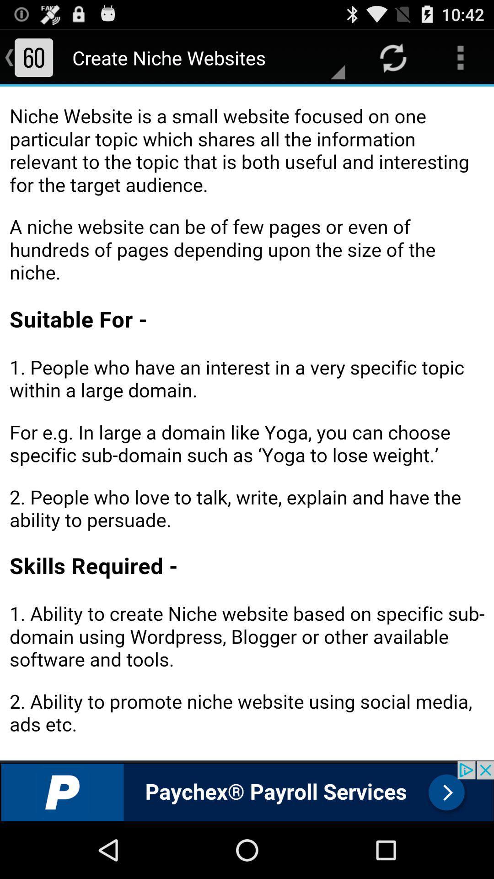 Image resolution: width=494 pixels, height=879 pixels. I want to click on advertisement page, so click(247, 791).